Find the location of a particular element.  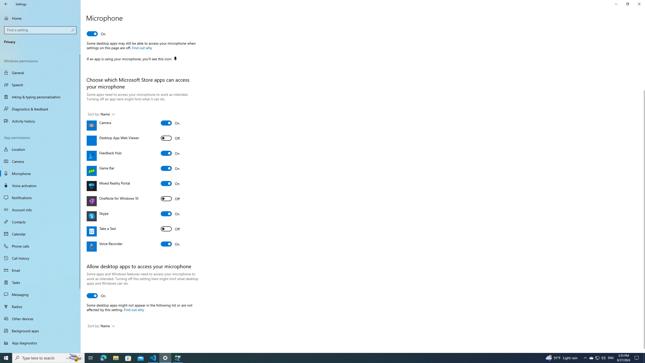

'Vertical' is located at coordinates (643, 188).